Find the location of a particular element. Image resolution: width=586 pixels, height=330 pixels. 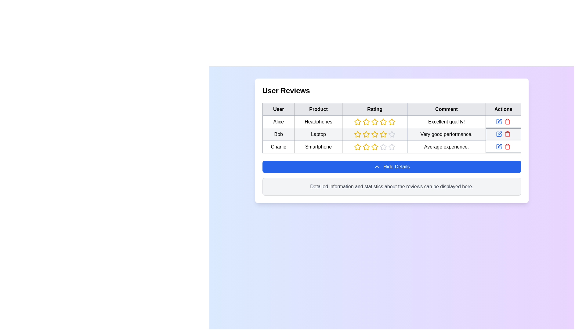

text label in the 'Comment' column of the 'User Reviews' table corresponding to 'Alice' and 'Headphones'. This is the primary content in the fourth cell of this row is located at coordinates (447, 122).